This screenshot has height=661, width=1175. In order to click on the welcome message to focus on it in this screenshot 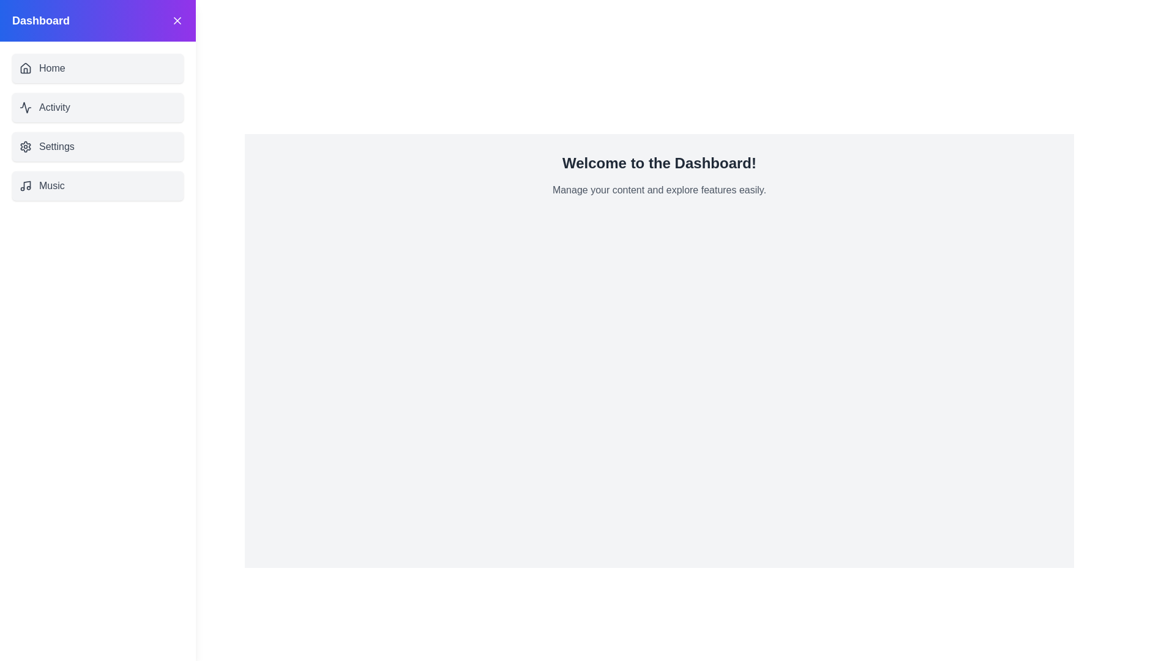, I will do `click(658, 162)`.